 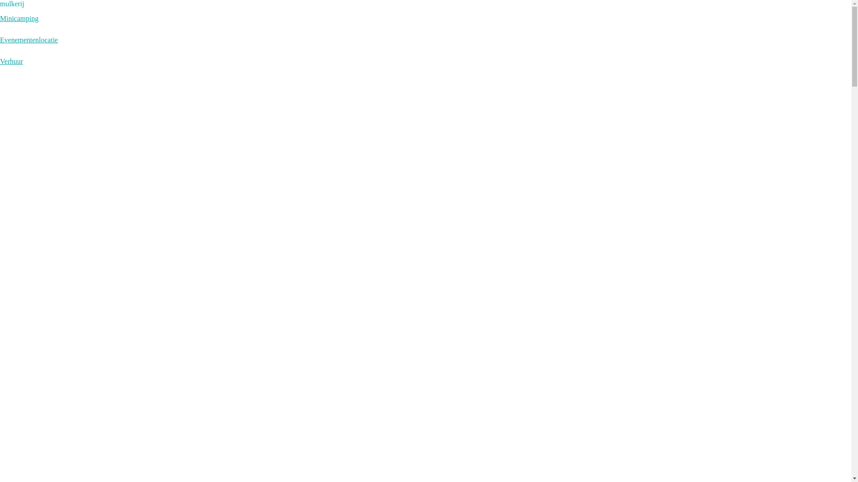 What do you see at coordinates (19, 18) in the screenshot?
I see `'Minicamping'` at bounding box center [19, 18].